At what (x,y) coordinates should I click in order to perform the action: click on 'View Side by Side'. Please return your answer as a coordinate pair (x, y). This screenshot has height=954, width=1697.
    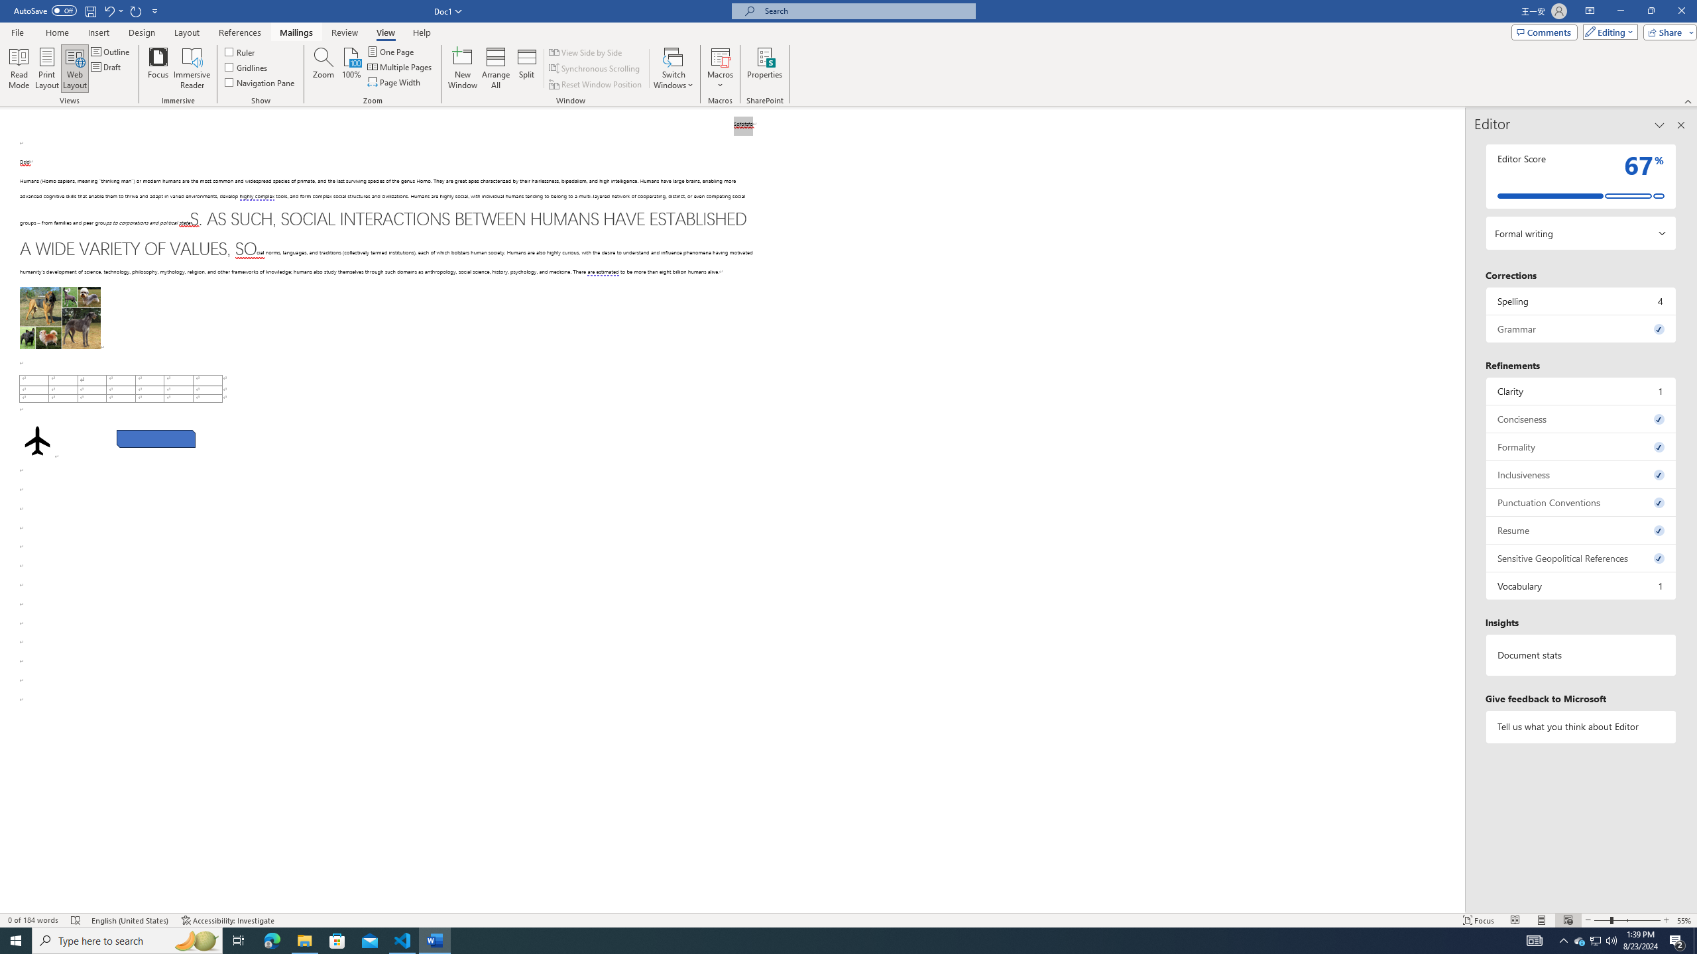
    Looking at the image, I should click on (586, 52).